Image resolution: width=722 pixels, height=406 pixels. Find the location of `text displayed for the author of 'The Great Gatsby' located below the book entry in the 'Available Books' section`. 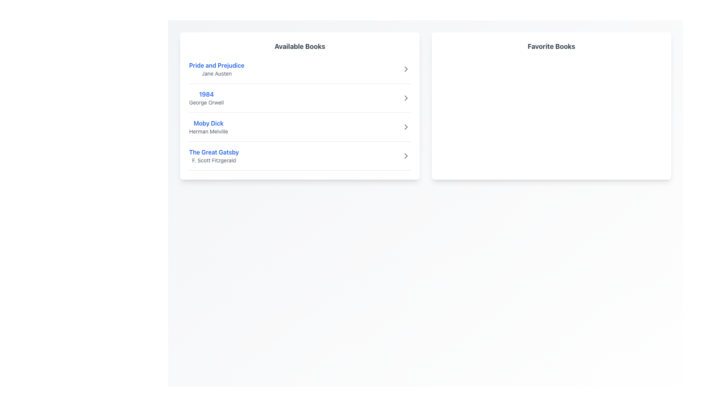

text displayed for the author of 'The Great Gatsby' located below the book entry in the 'Available Books' section is located at coordinates (214, 160).